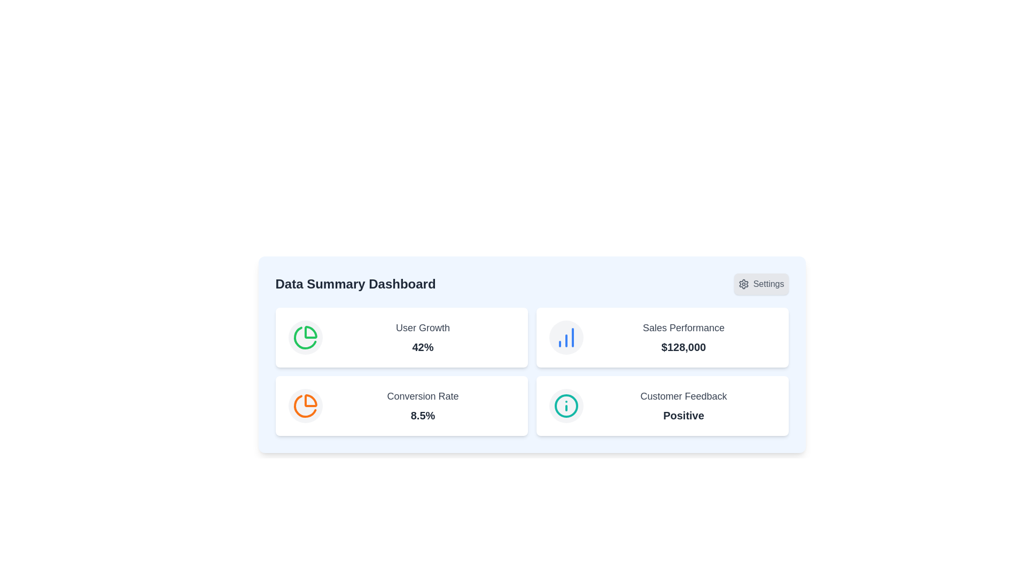 This screenshot has height=577, width=1026. I want to click on displayed text content of the 'Customer Feedback' Text Display Unit, which shows the sentiment as 'Positive', so click(683, 406).